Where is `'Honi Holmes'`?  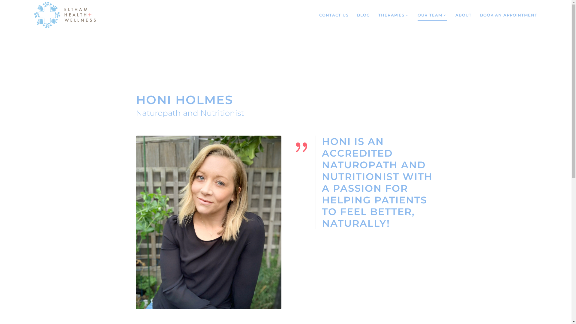 'Honi Holmes' is located at coordinates (208, 222).